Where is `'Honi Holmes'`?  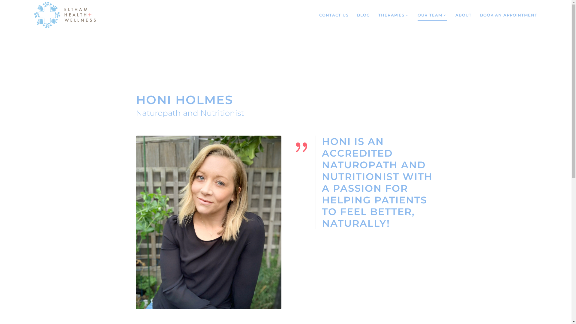 'Honi Holmes' is located at coordinates (208, 222).